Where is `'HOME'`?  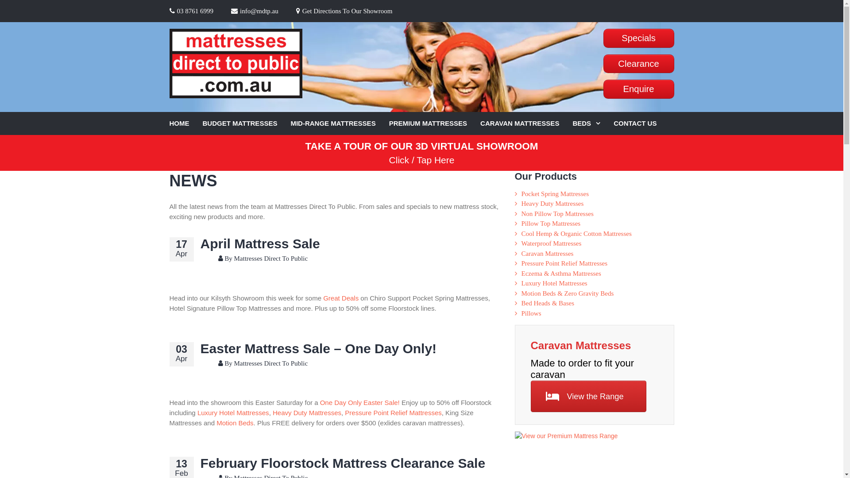
'HOME' is located at coordinates (185, 123).